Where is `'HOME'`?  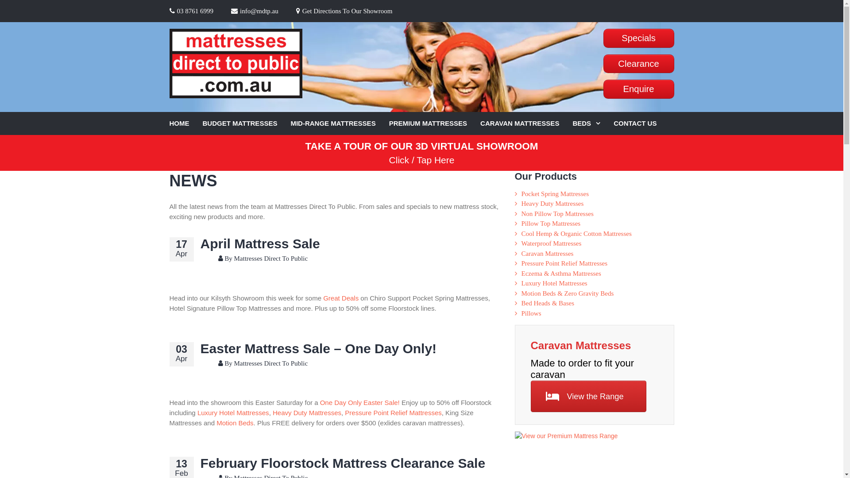
'HOME' is located at coordinates (185, 123).